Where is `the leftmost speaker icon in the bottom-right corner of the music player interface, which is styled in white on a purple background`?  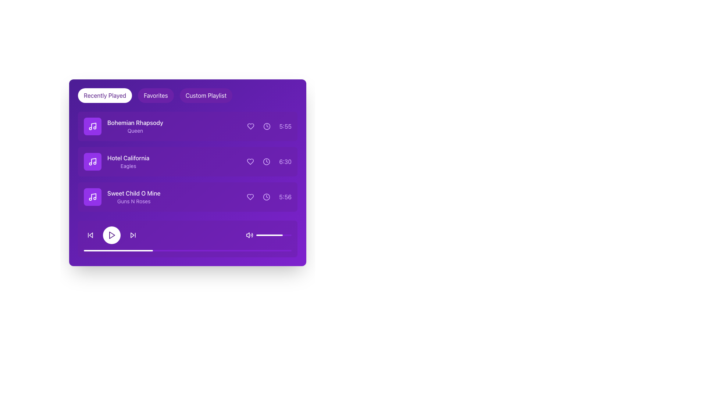
the leftmost speaker icon in the bottom-right corner of the music player interface, which is styled in white on a purple background is located at coordinates (248, 235).